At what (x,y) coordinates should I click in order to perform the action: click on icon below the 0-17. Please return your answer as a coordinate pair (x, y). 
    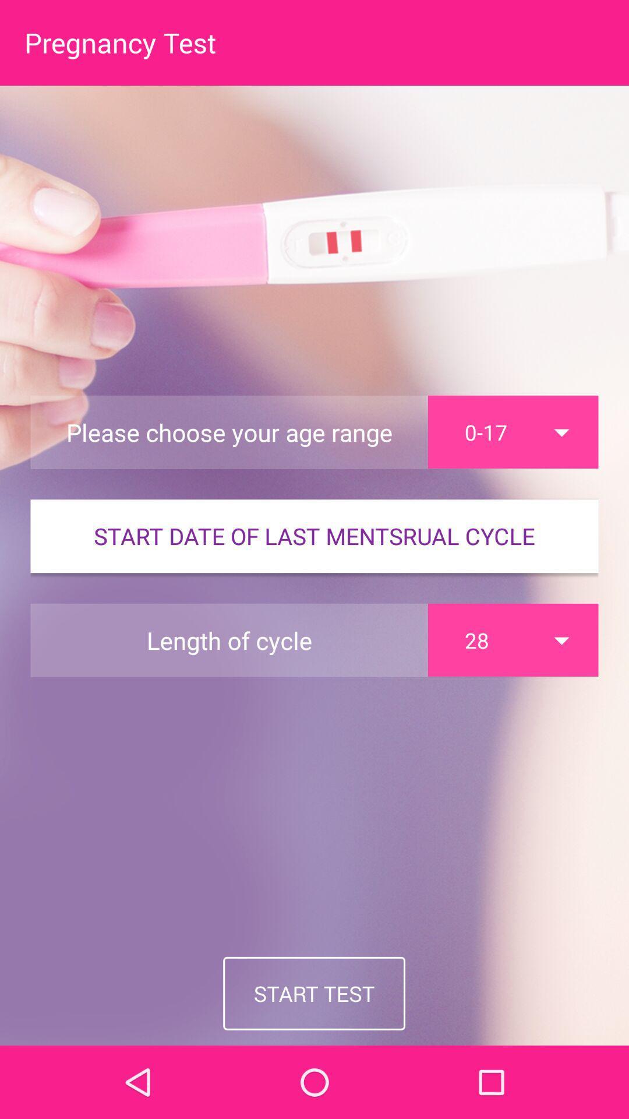
    Looking at the image, I should click on (314, 536).